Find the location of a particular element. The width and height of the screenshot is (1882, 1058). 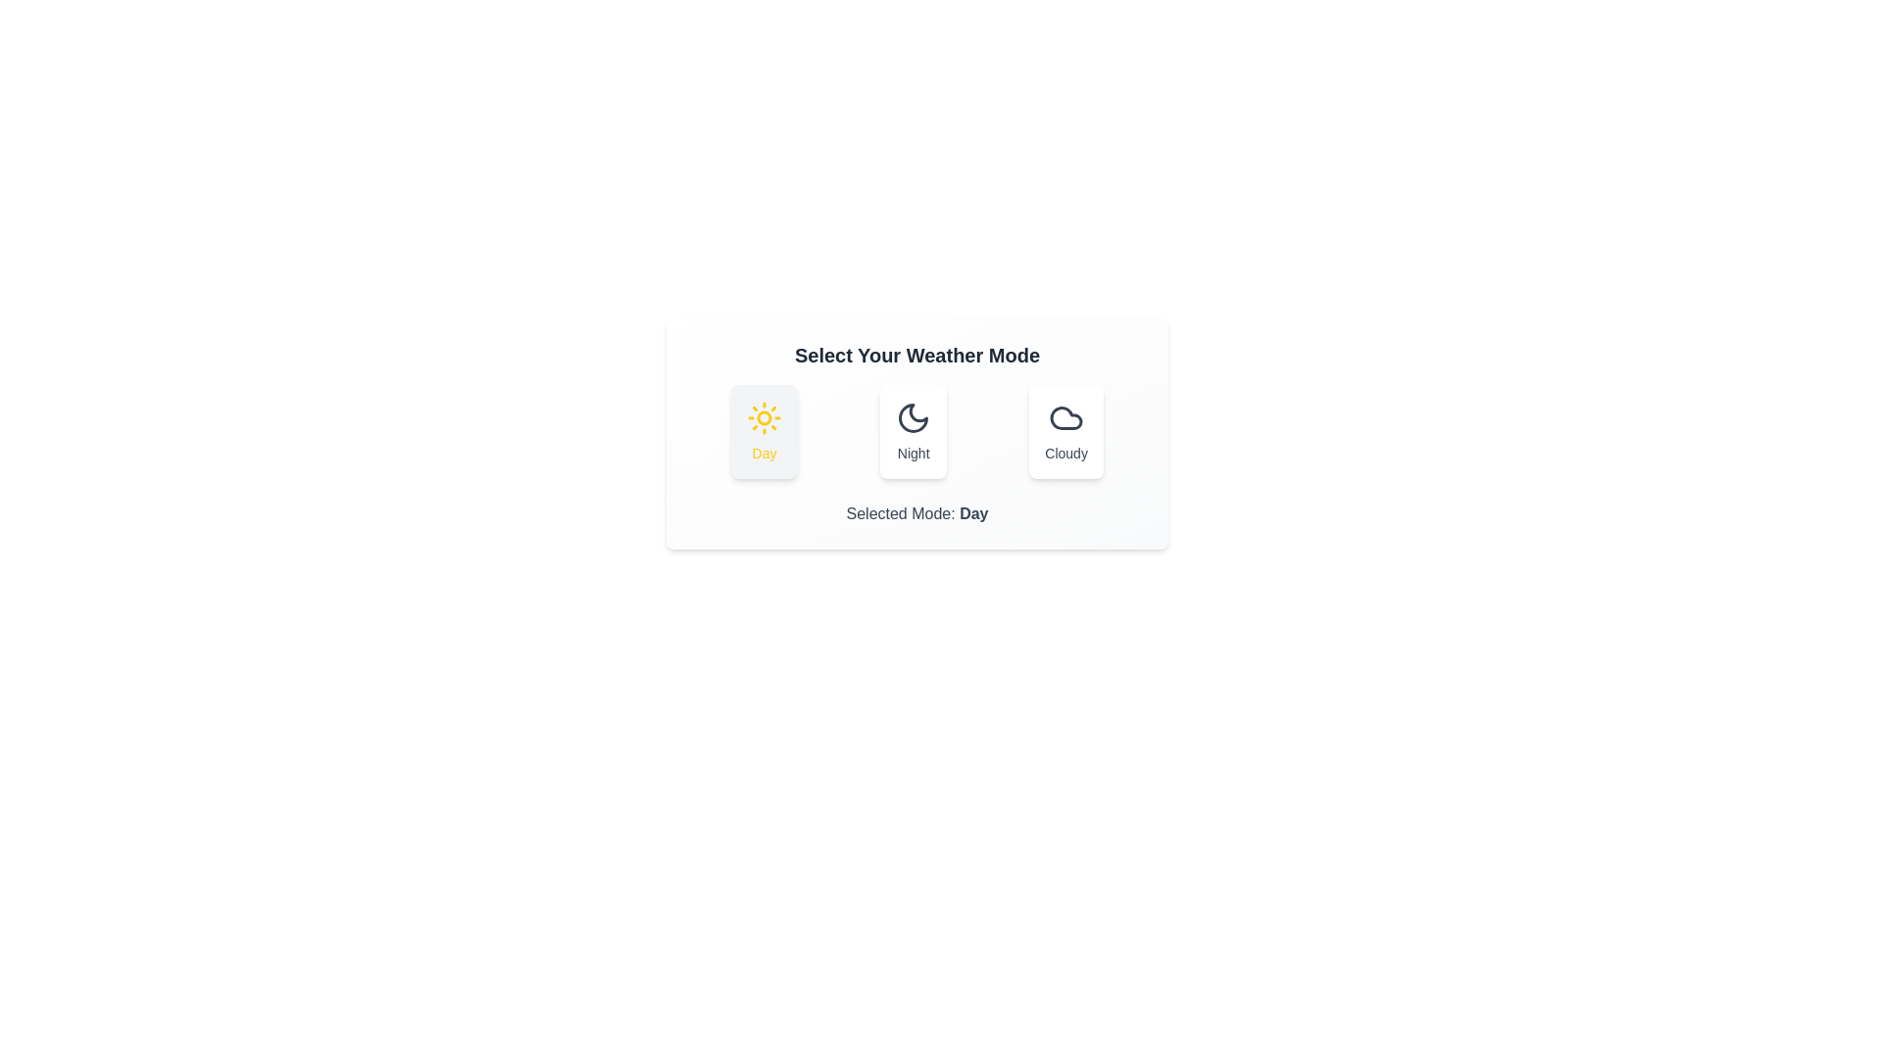

the 'Cloudy' button to select the 'Cloudy' mode is located at coordinates (1065, 430).